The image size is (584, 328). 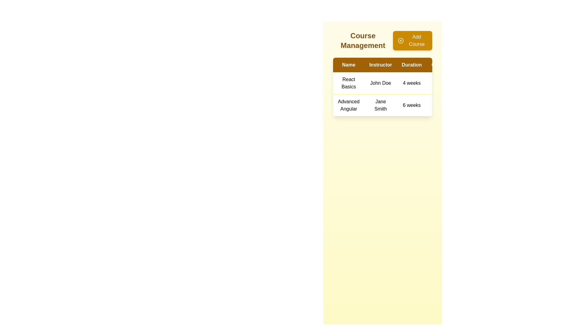 What do you see at coordinates (349, 65) in the screenshot?
I see `the text label 'Name' which is displayed in white on a brownish background, located in the top row of the Course Management interface` at bounding box center [349, 65].